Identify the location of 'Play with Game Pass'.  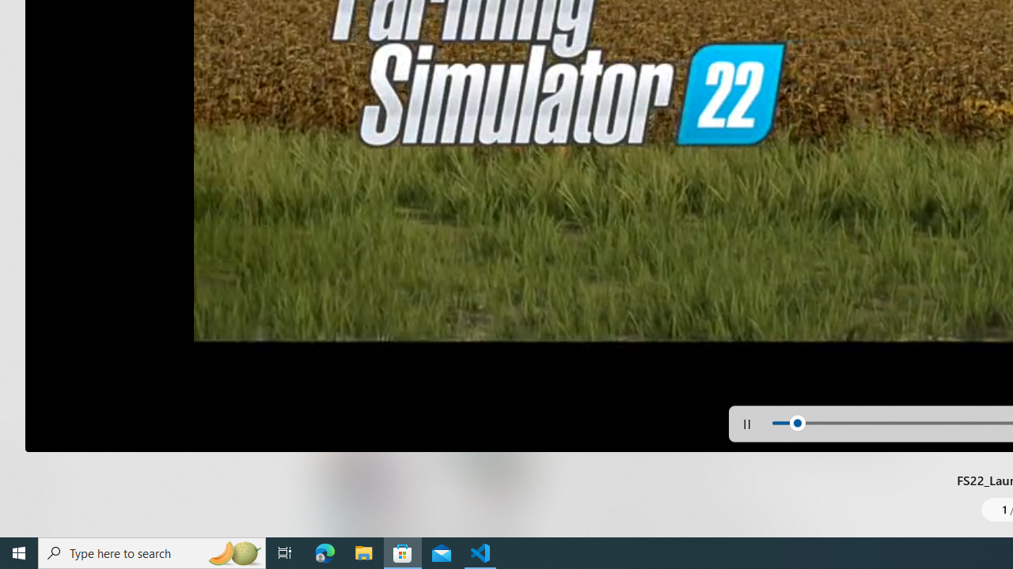
(607, 332).